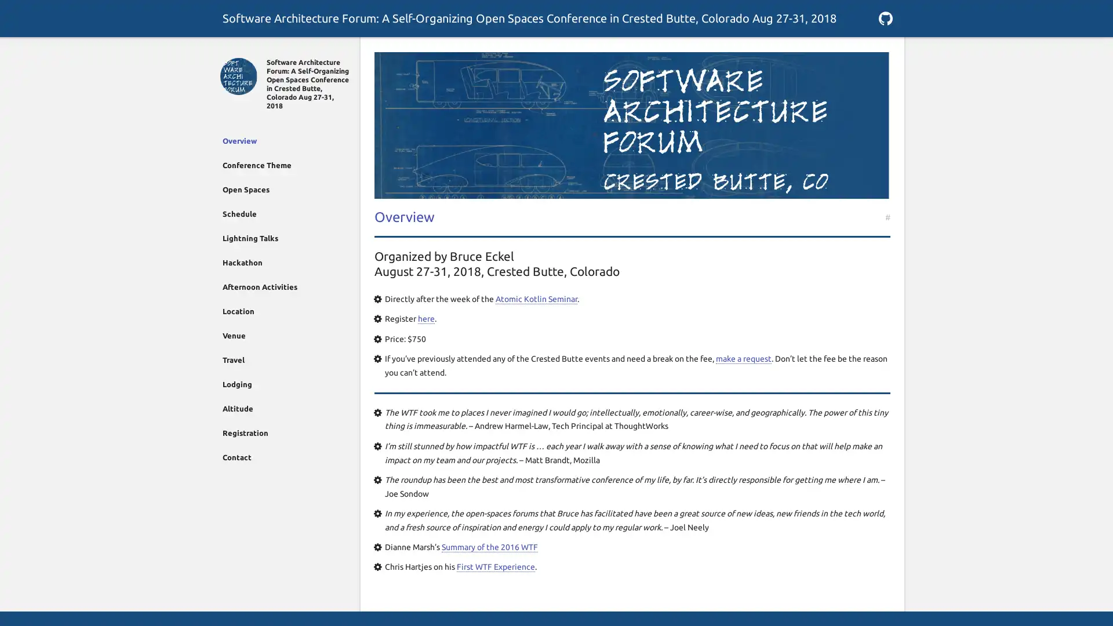 The width and height of the screenshot is (1113, 626). I want to click on GitHub, so click(885, 18).